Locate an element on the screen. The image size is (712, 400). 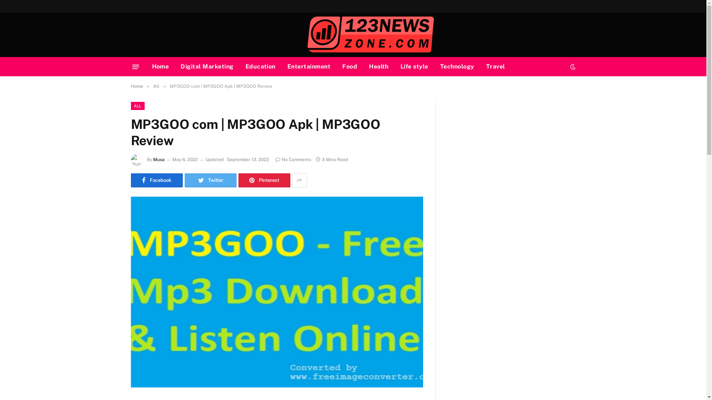
'All' is located at coordinates (152, 86).